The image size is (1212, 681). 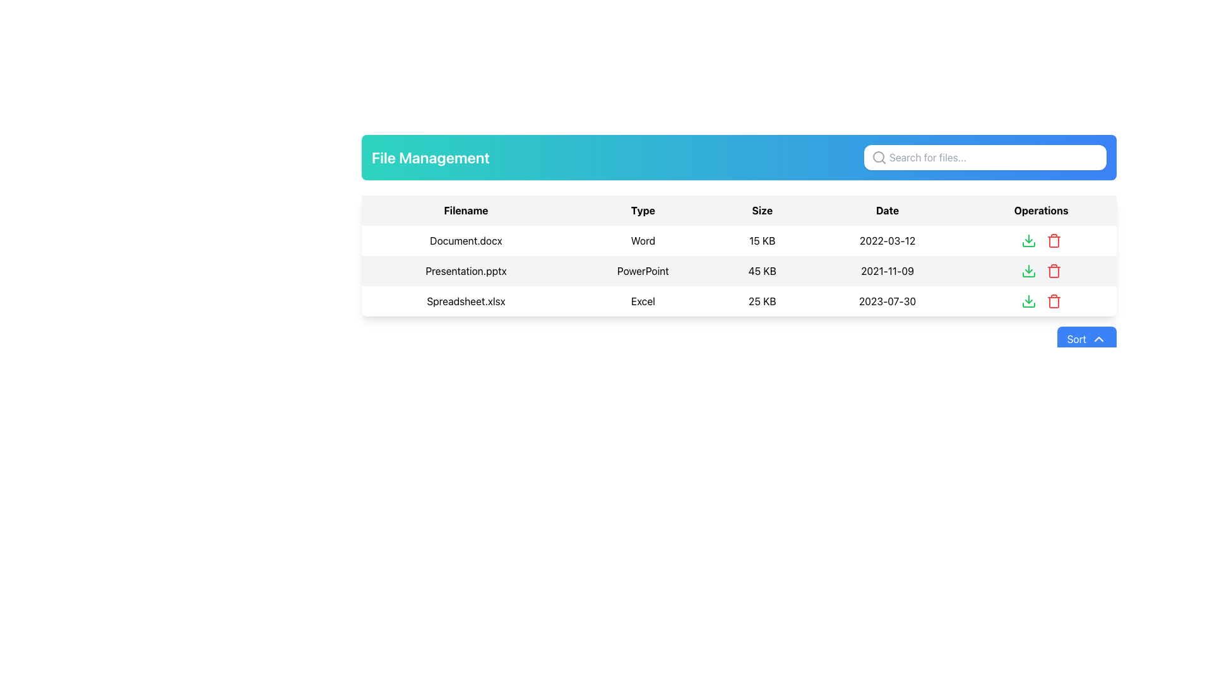 I want to click on the 'Date' text label, which is the fourth header item in a horizontal header row, displayed in bold black font on a light gray background, so click(x=887, y=210).